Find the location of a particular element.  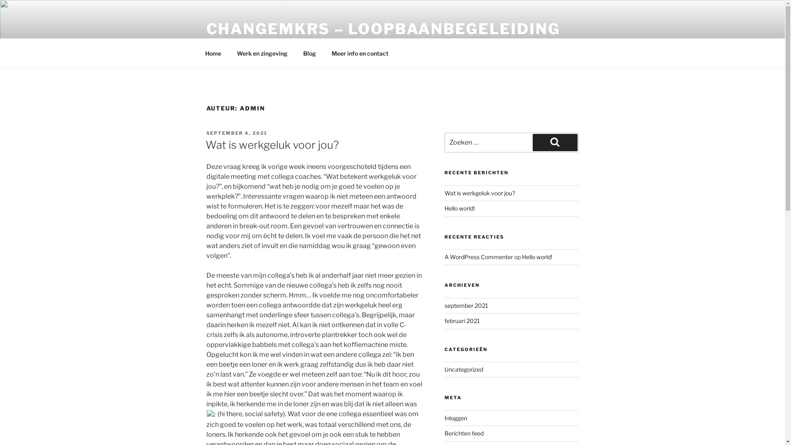

'Zoeken' is located at coordinates (555, 142).